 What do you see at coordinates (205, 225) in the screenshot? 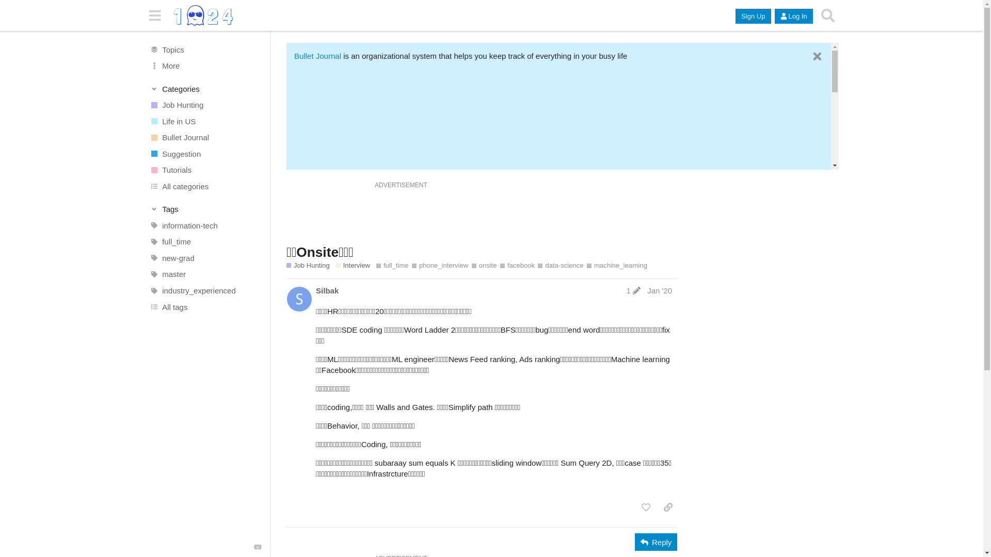
I see `'information-tech'` at bounding box center [205, 225].